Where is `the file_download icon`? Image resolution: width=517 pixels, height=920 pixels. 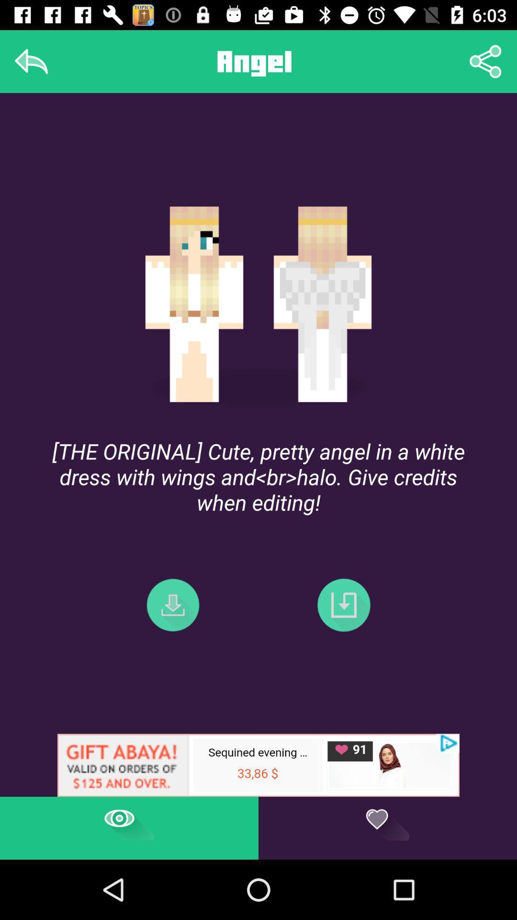 the file_download icon is located at coordinates (173, 604).